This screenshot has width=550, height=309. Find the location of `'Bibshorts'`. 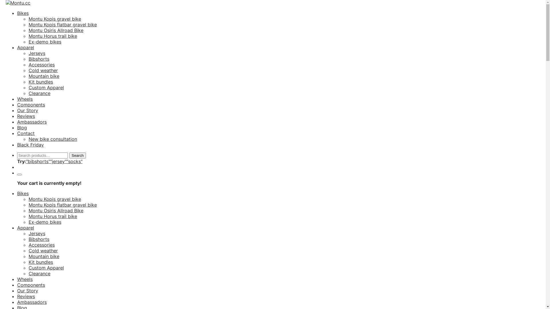

'Bibshorts' is located at coordinates (38, 239).